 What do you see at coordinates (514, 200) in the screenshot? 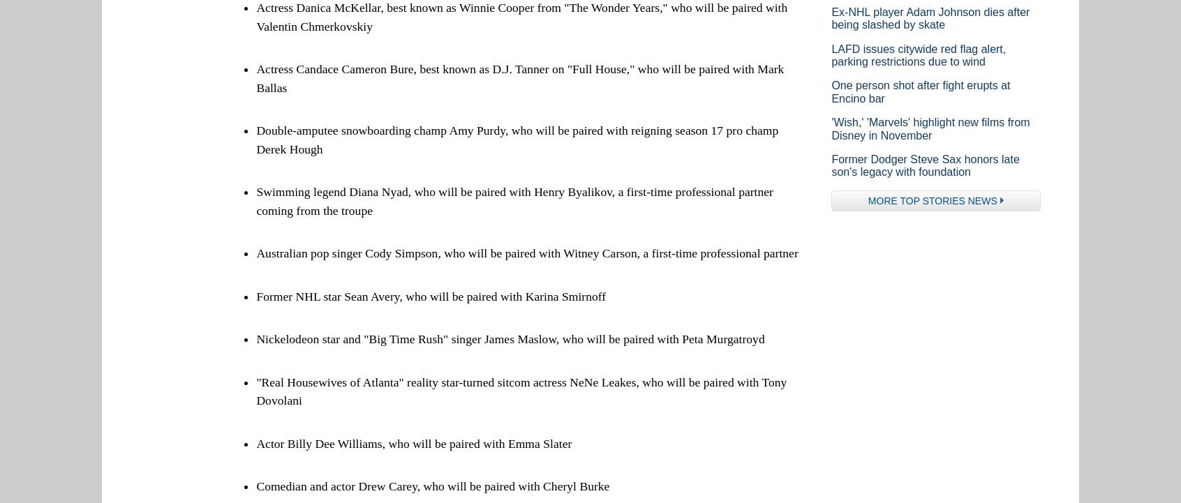
I see `'Swimming legend Diana Nyad, who will be paired with Henry Byalikov, a first-time professional partner coming from the troupe'` at bounding box center [514, 200].